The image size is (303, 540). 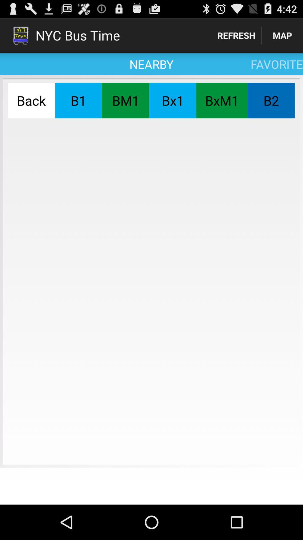 I want to click on the button to the left of the bm1, so click(x=78, y=100).